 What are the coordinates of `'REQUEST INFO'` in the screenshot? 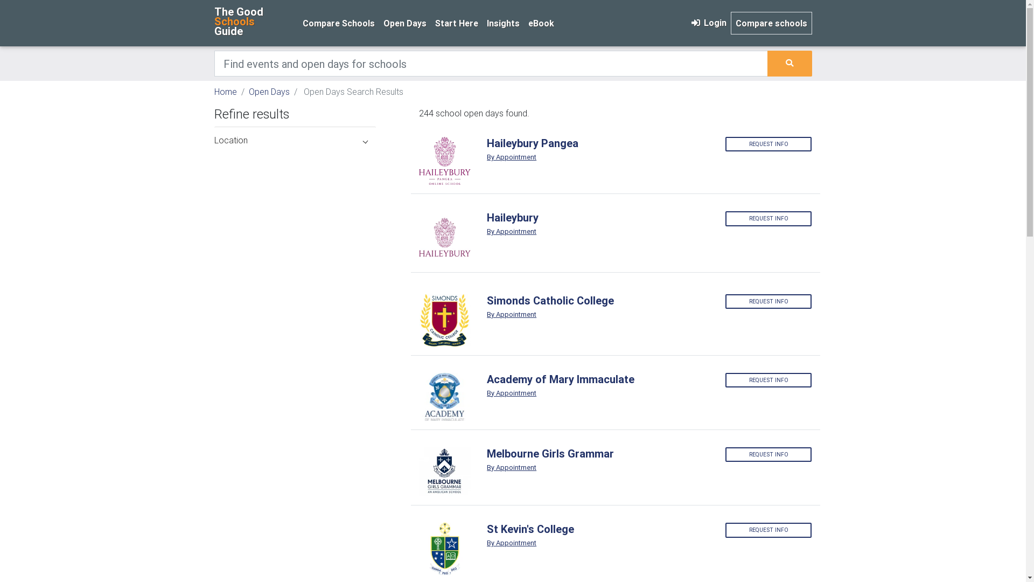 It's located at (767, 379).